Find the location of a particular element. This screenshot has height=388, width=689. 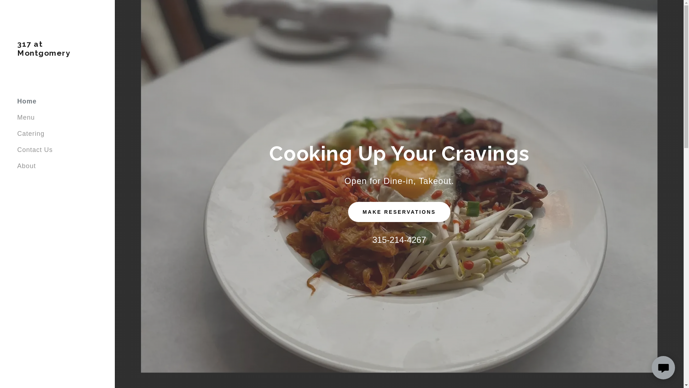

'About' is located at coordinates (26, 166).